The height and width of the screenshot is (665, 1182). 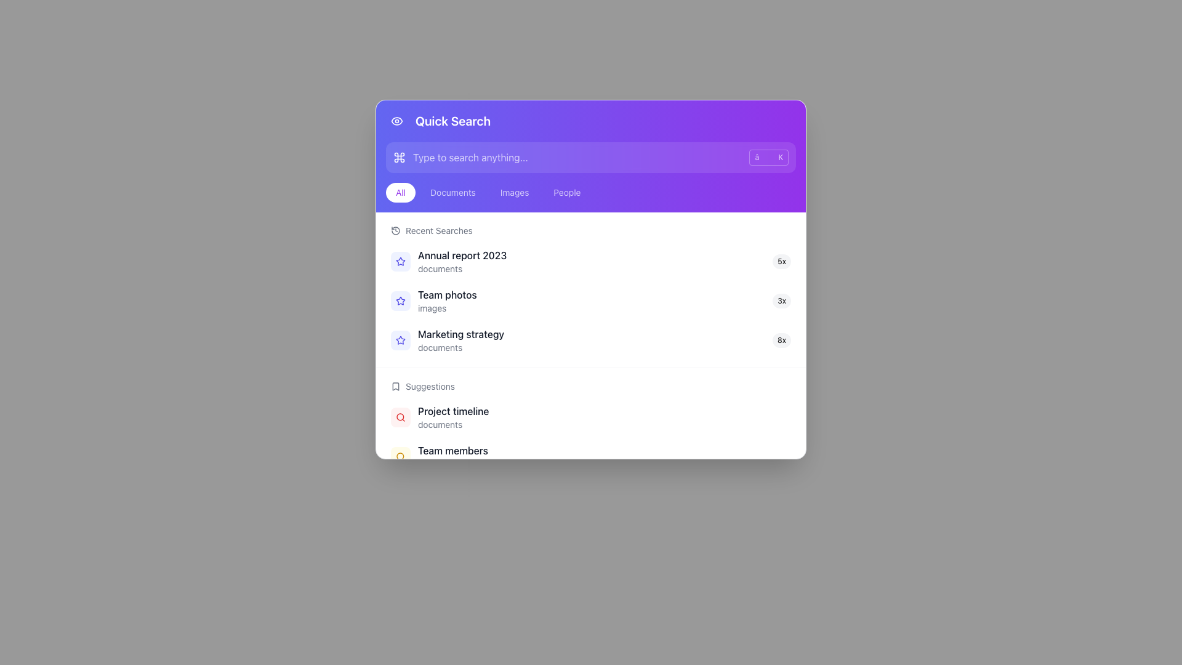 What do you see at coordinates (781, 260) in the screenshot?
I see `the Badge component indicating numeric count next to the 'Annual report 2023' entry in the 'Recent Searches' section` at bounding box center [781, 260].